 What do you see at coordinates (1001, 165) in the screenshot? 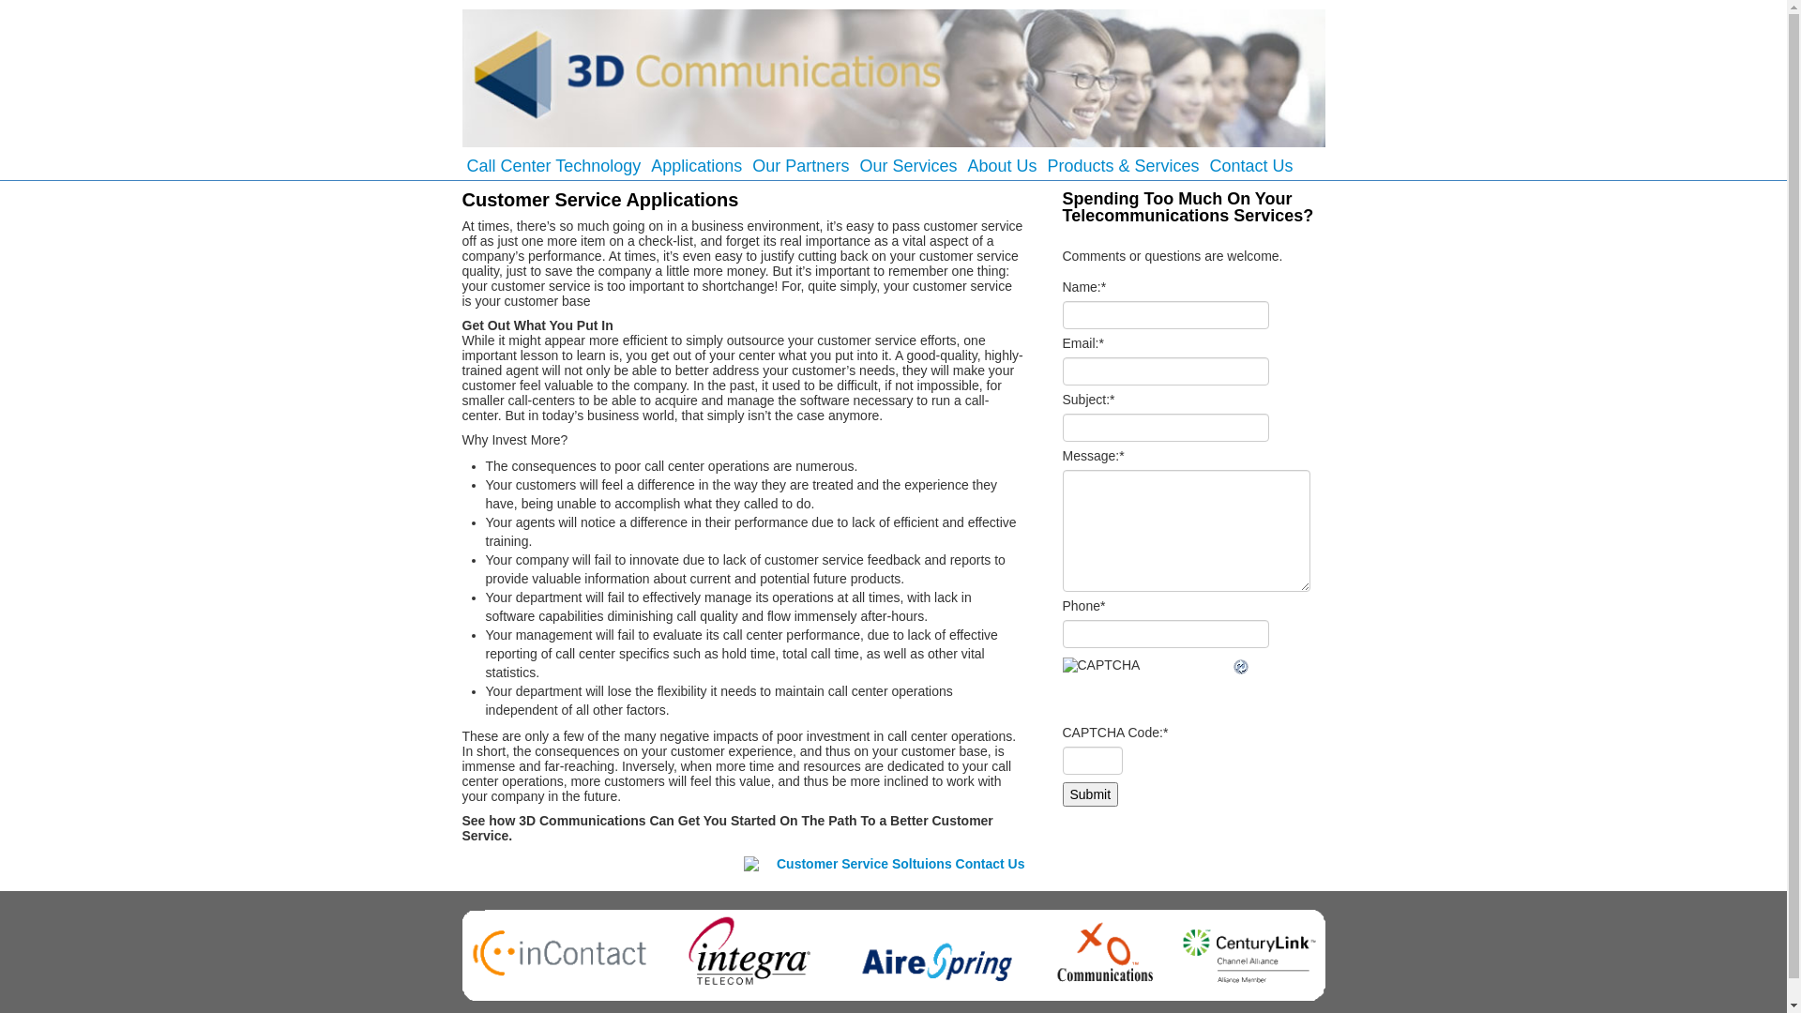
I see `'About Us'` at bounding box center [1001, 165].